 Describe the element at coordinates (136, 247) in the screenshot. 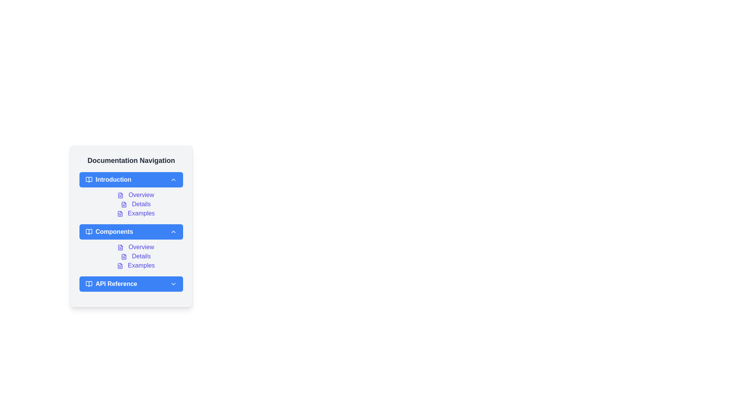

I see `the 'Overview' text link with an icon, which is styled with blue text and an underline appears when hovered over, located in the 'Components' section of the navigation list` at that location.